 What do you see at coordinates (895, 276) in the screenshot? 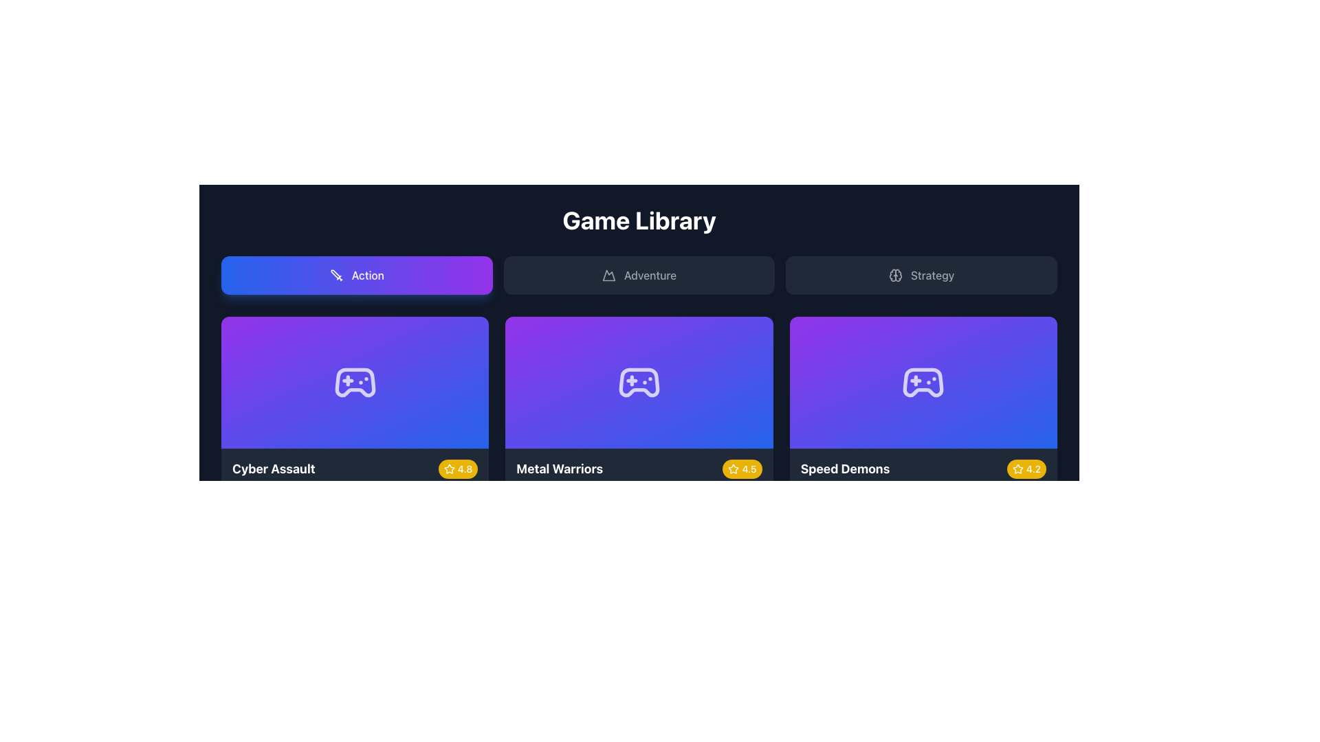
I see `the brain icon located to the left of the word 'Strategy' within the rightmost button of the top-center area of the interface` at bounding box center [895, 276].